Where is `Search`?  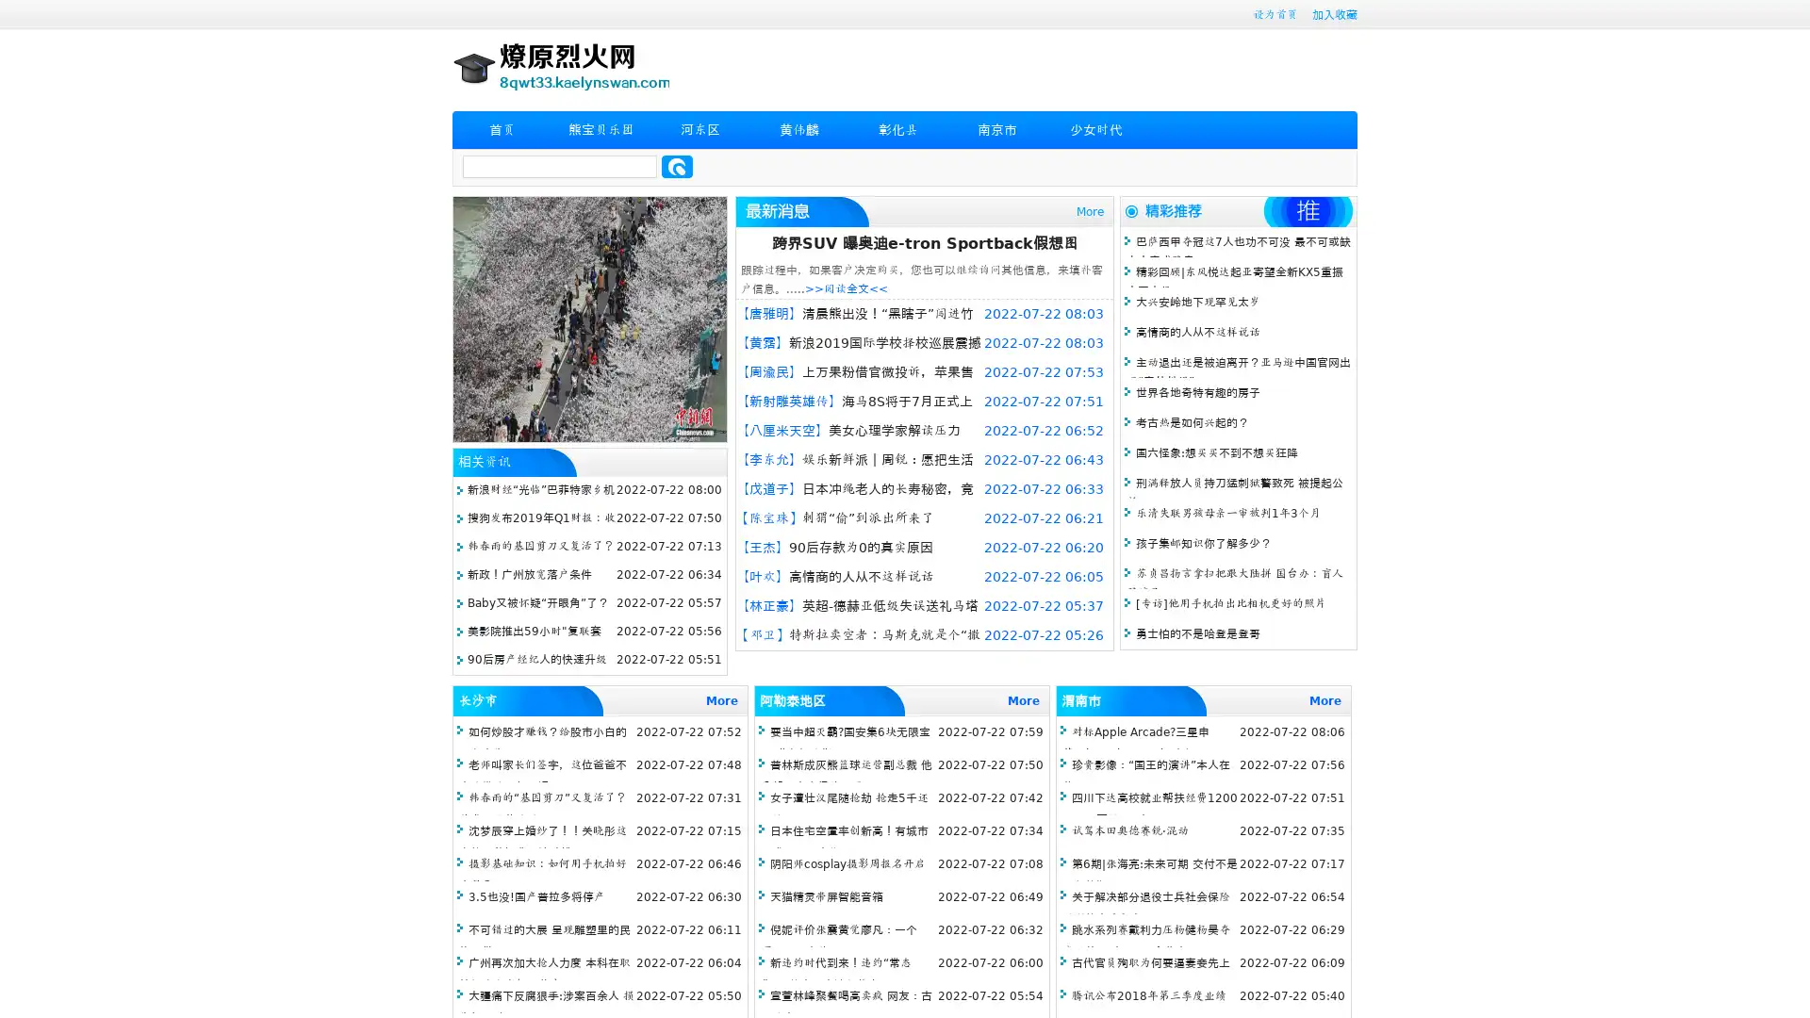
Search is located at coordinates (677, 166).